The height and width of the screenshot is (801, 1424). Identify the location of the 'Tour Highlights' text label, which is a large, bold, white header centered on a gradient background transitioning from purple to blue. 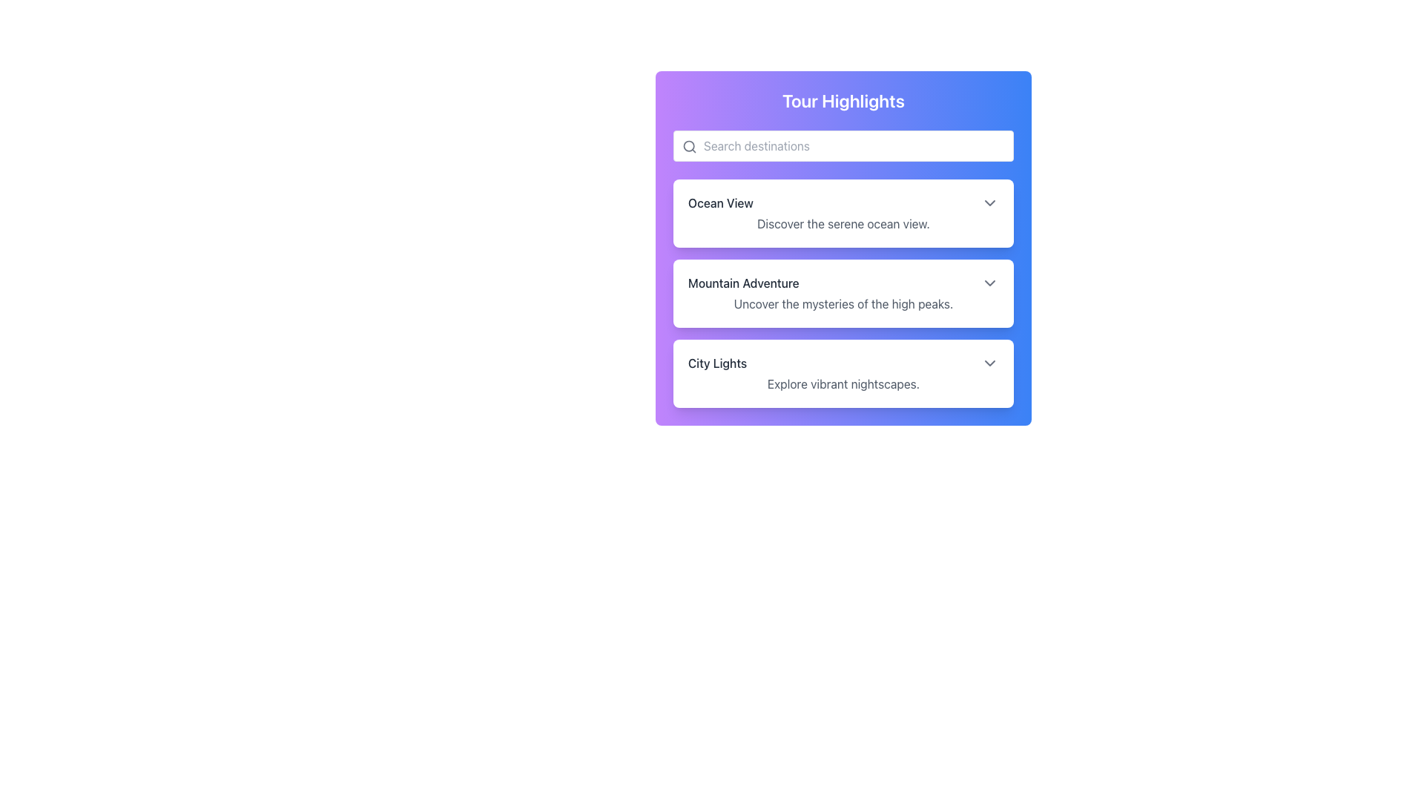
(843, 100).